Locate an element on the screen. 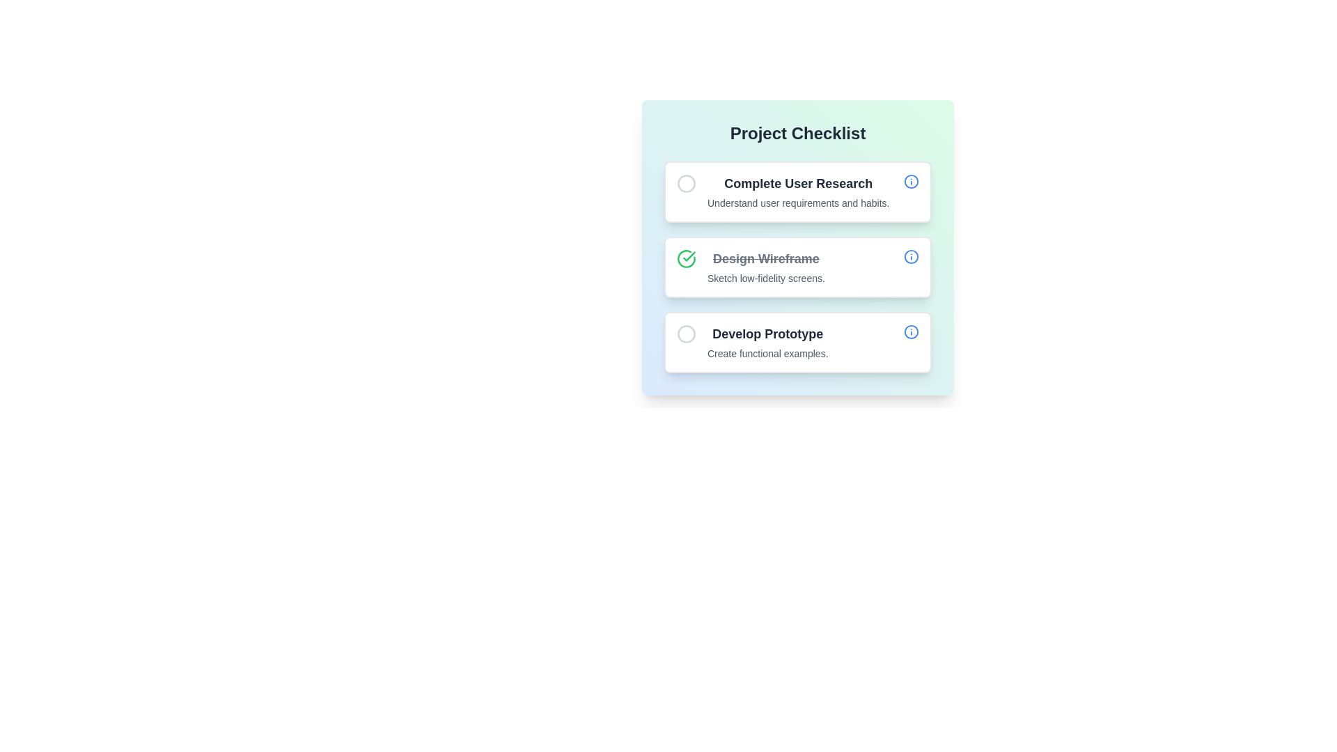 The height and width of the screenshot is (752, 1337). the checklist item element for 'Design Wireframe' to edit its details, which is the second item is located at coordinates (798, 245).